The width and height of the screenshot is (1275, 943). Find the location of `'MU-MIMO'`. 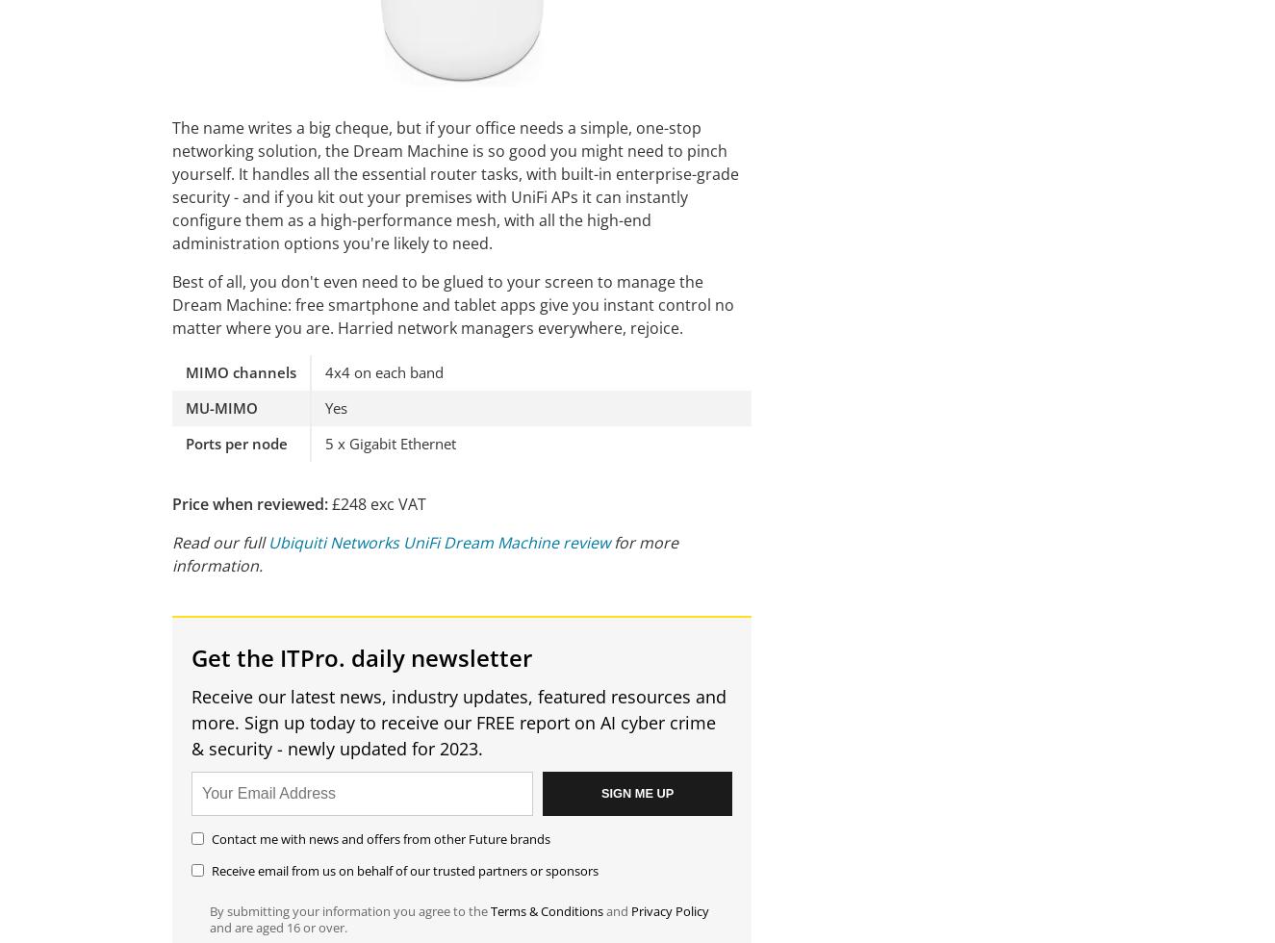

'MU-MIMO' is located at coordinates (221, 406).